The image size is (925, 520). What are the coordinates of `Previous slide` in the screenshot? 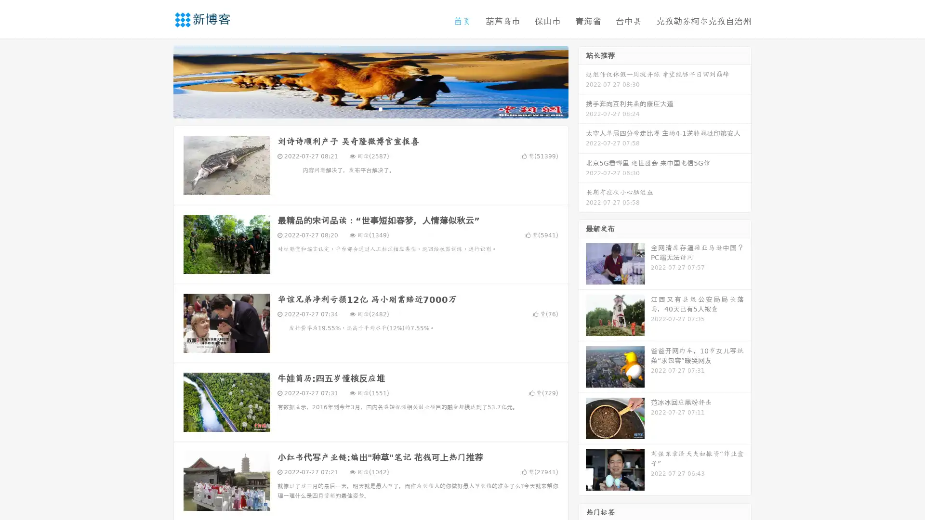 It's located at (159, 81).